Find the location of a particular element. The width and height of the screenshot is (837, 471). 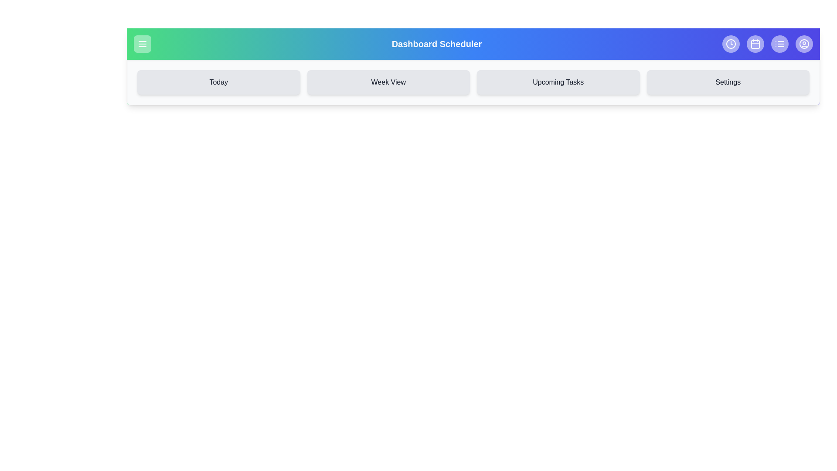

menu toggle button to toggle the menu visibility is located at coordinates (142, 44).